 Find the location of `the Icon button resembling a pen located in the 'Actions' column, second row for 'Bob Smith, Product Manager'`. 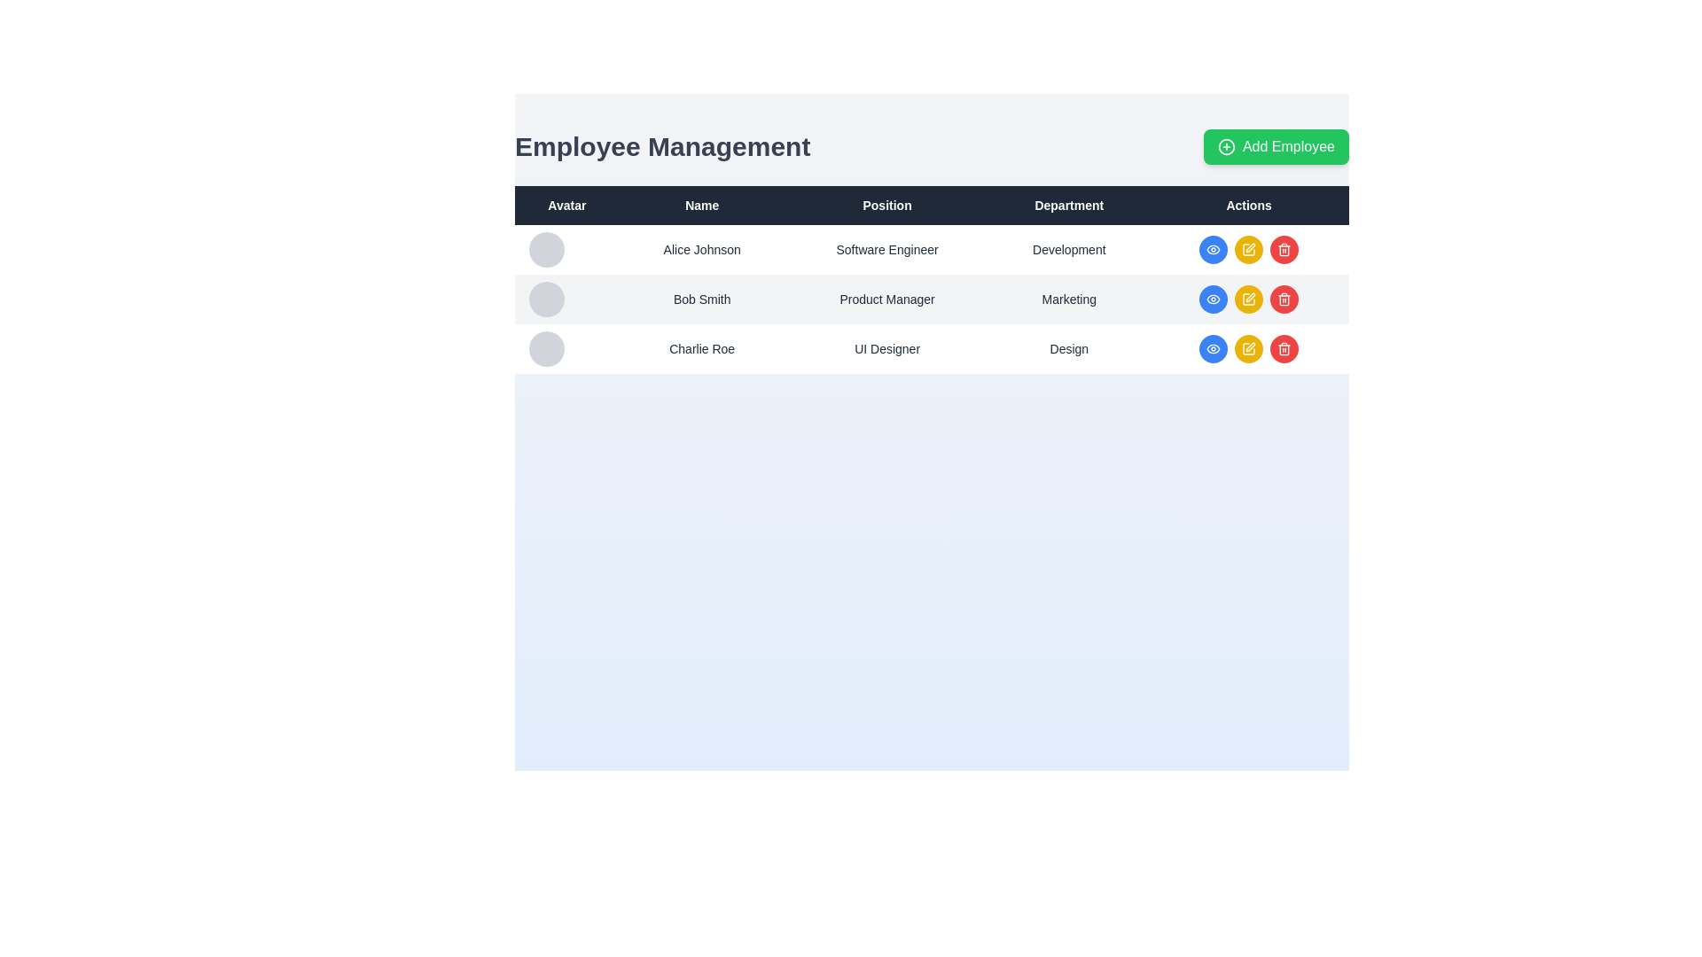

the Icon button resembling a pen located in the 'Actions' column, second row for 'Bob Smith, Product Manager' is located at coordinates (1250, 296).